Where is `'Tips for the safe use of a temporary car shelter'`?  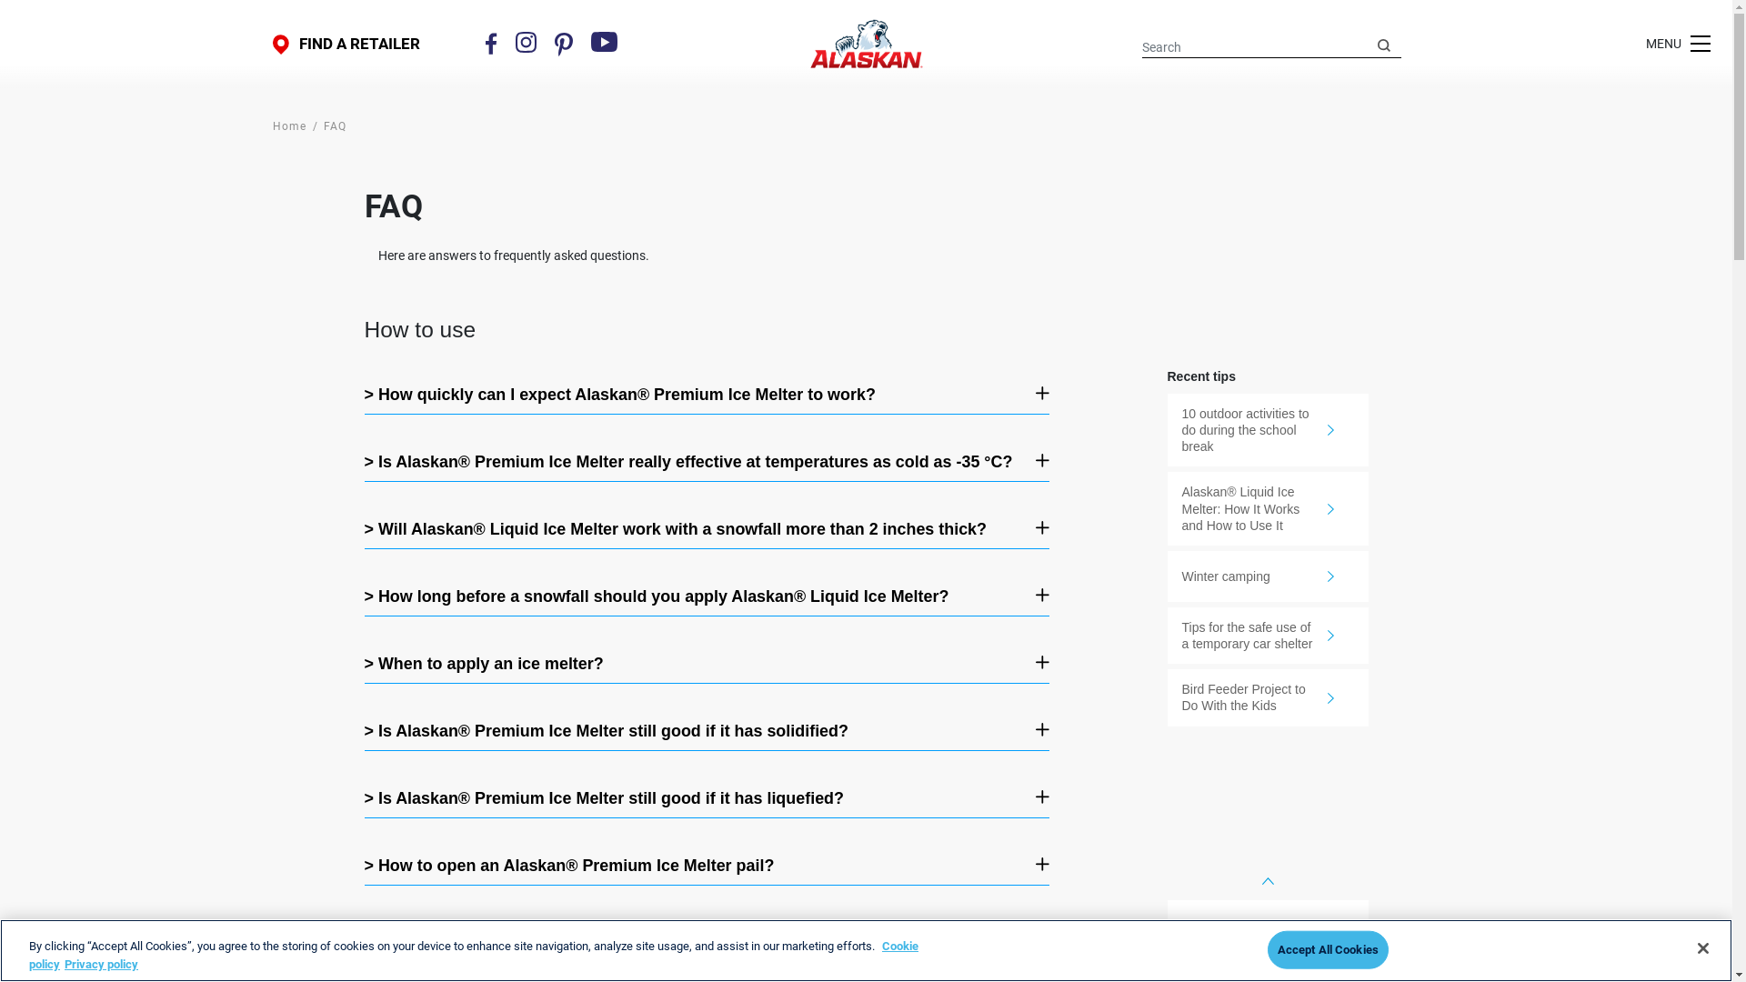
'Tips for the safe use of a temporary car shelter' is located at coordinates (1267, 634).